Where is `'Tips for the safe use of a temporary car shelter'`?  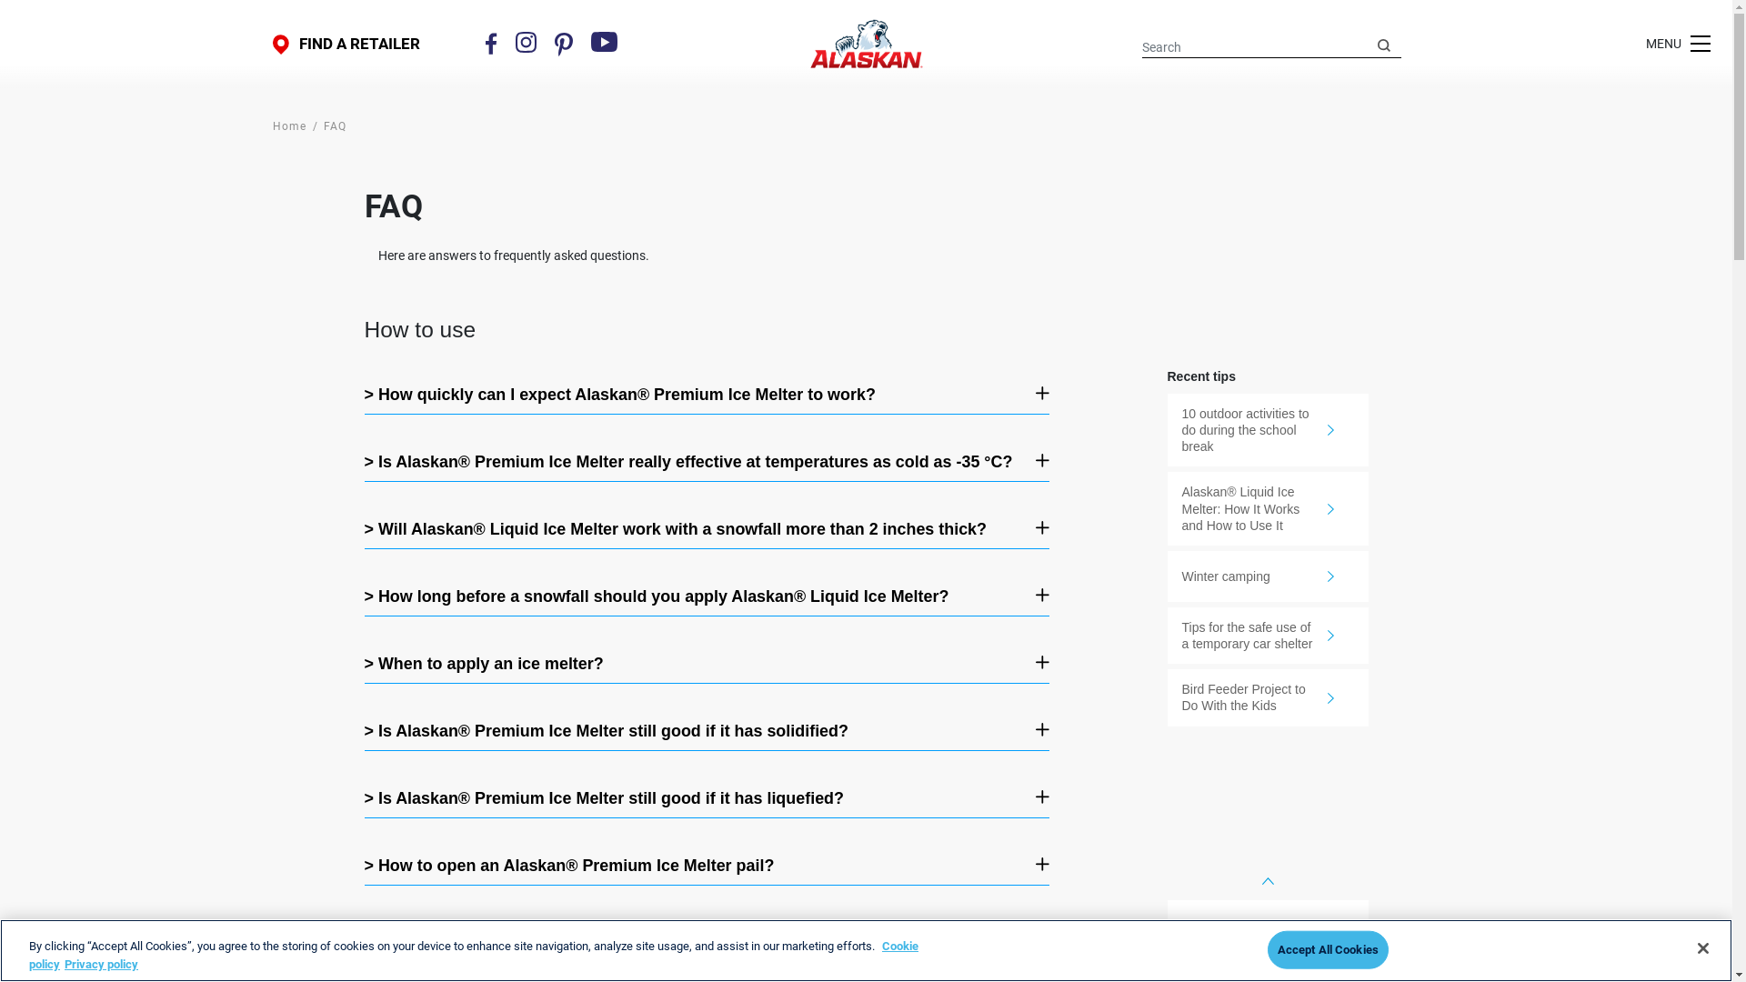
'Tips for the safe use of a temporary car shelter' is located at coordinates (1267, 634).